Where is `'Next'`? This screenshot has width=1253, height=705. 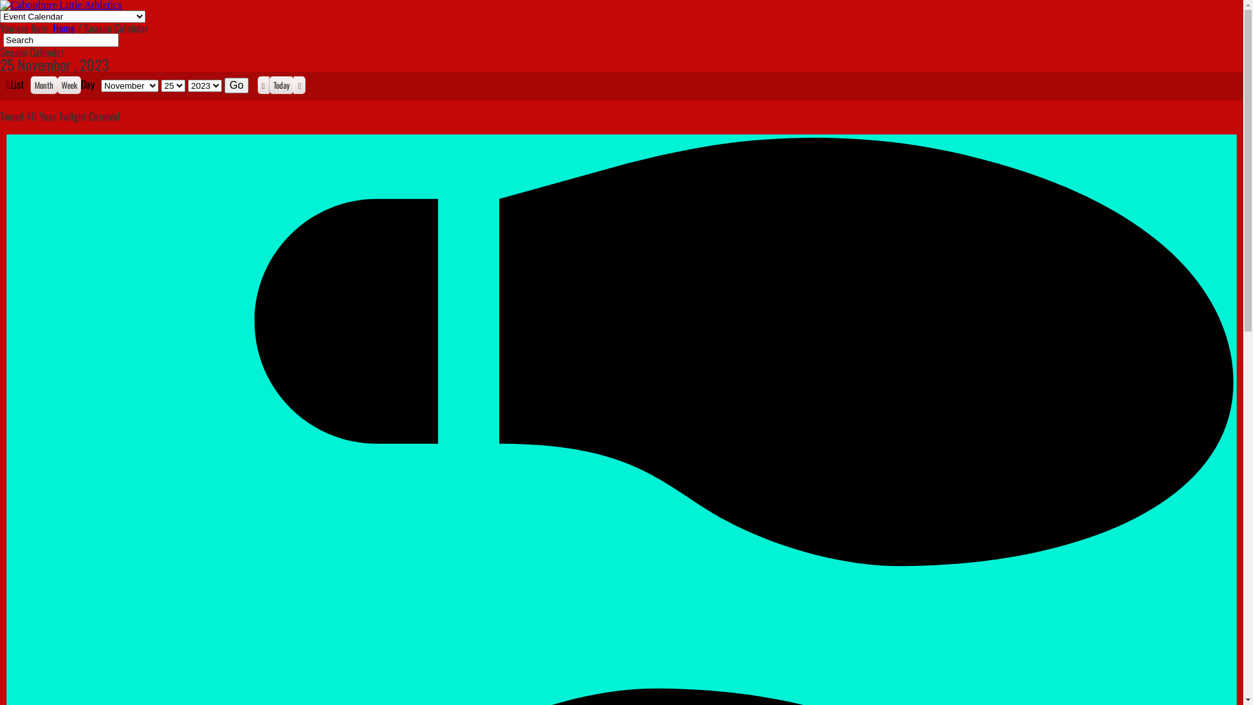 'Next' is located at coordinates (293, 85).